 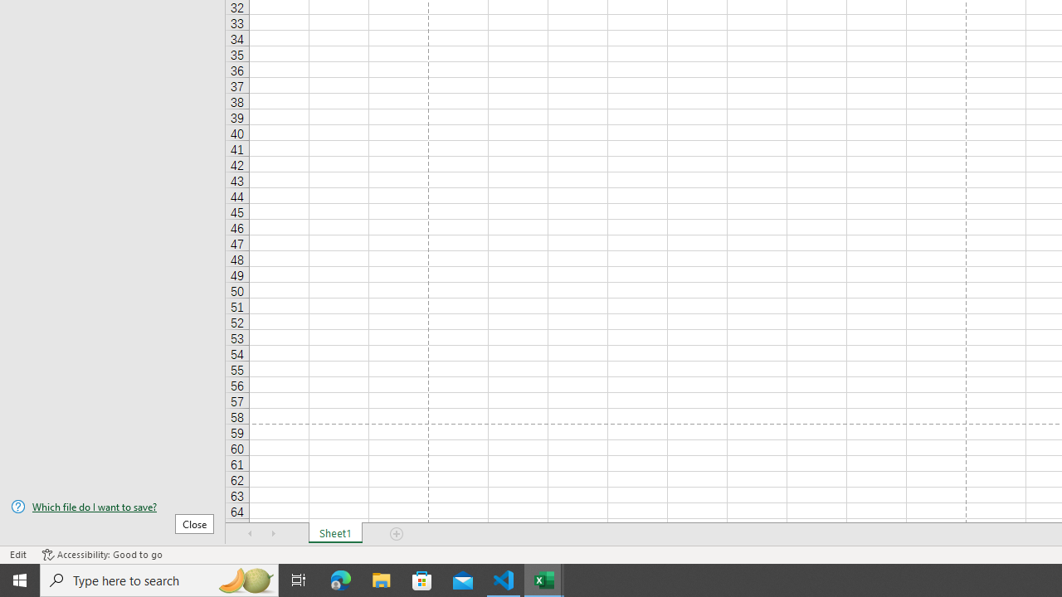 I want to click on 'Visual Studio Code - 1 running window', so click(x=503, y=579).